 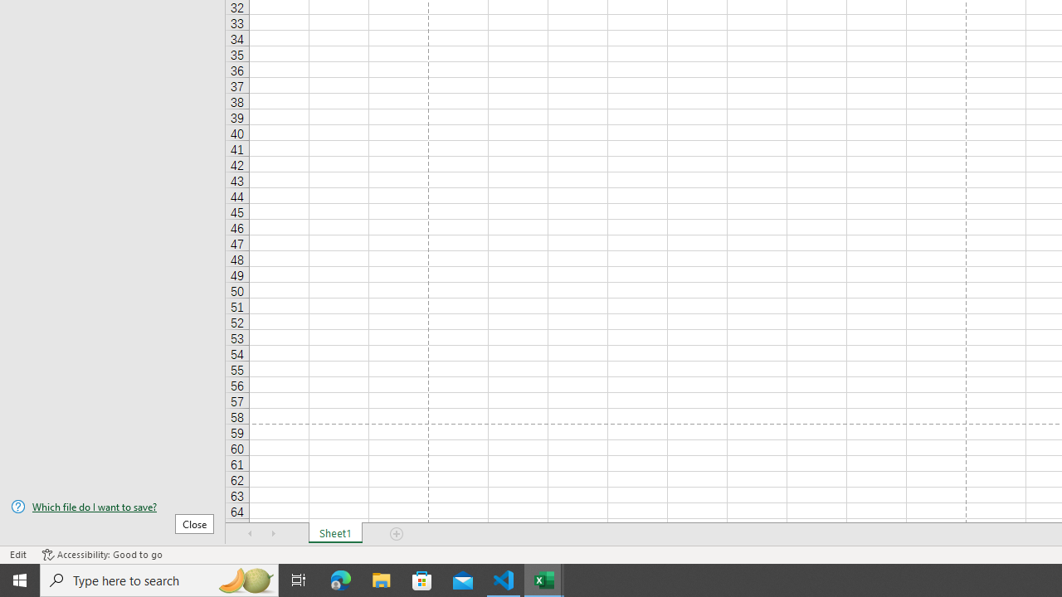 I want to click on 'Visual Studio Code - 1 running window', so click(x=503, y=579).